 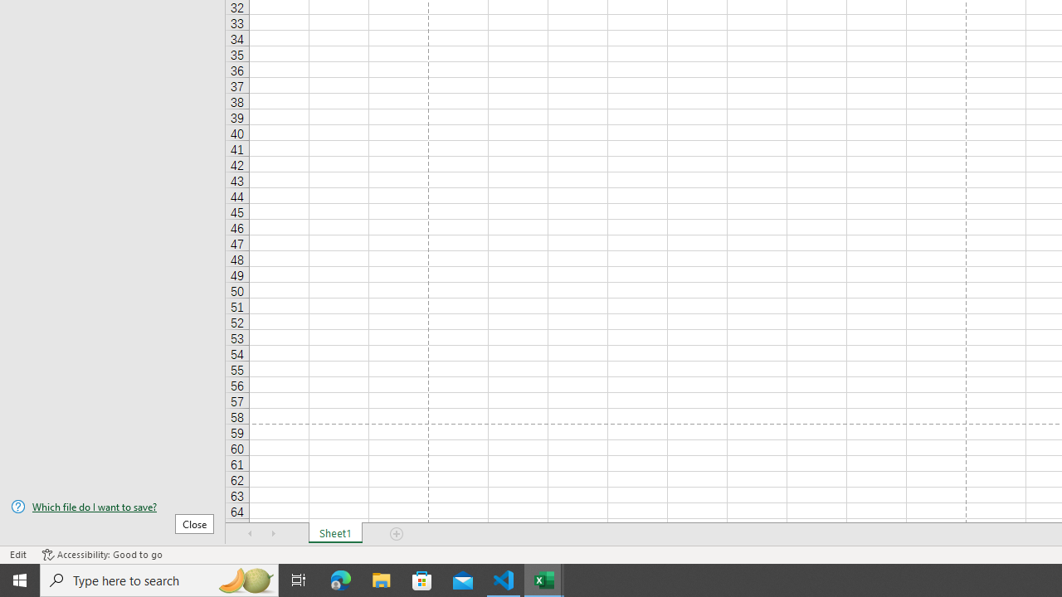 I want to click on 'Visual Studio Code - 1 running window', so click(x=503, y=579).